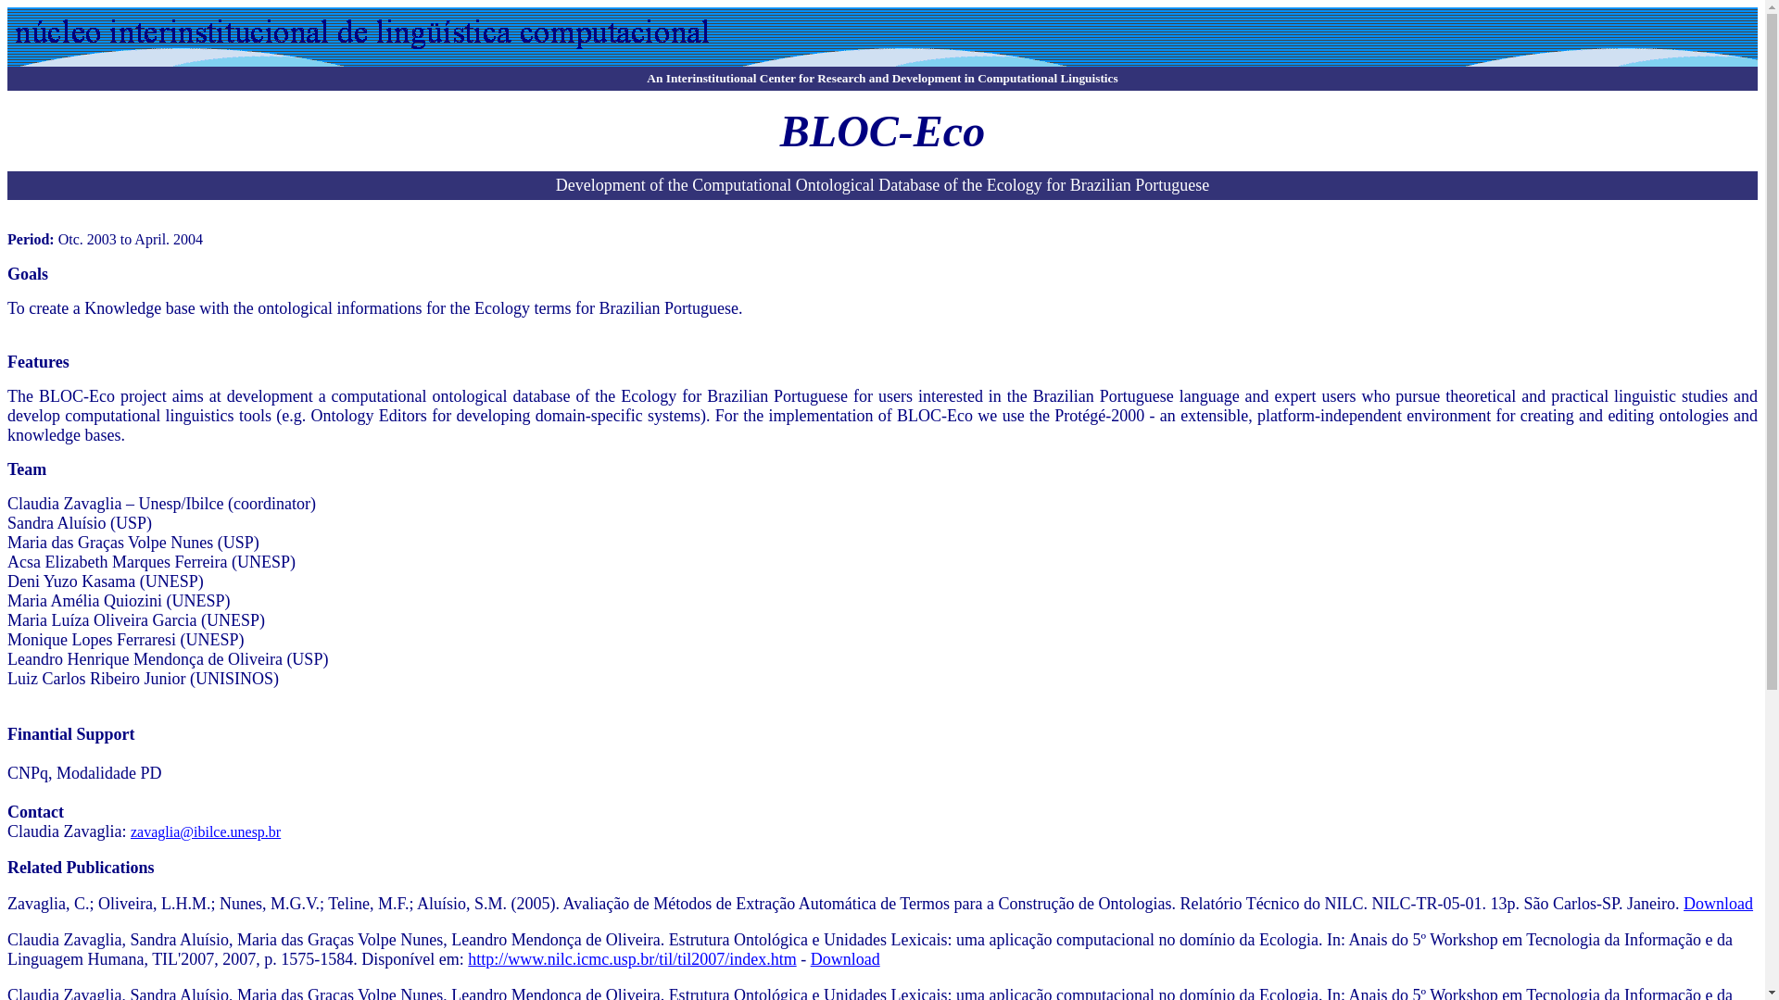 The width and height of the screenshot is (1779, 1000). What do you see at coordinates (844, 958) in the screenshot?
I see `'Download'` at bounding box center [844, 958].